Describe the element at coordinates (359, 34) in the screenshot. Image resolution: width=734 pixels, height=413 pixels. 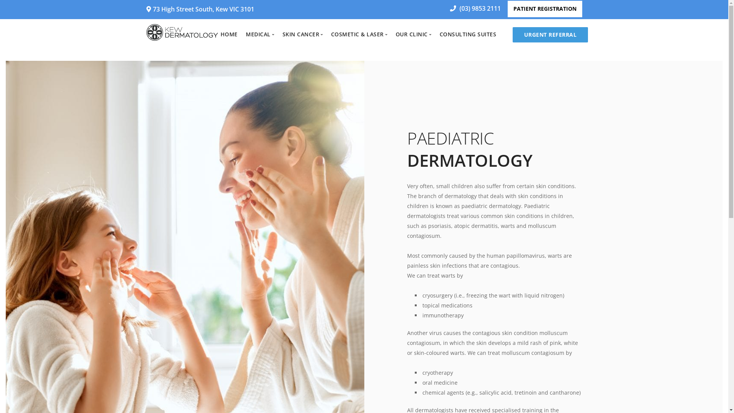
I see `'COSMETIC & LASER'` at that location.